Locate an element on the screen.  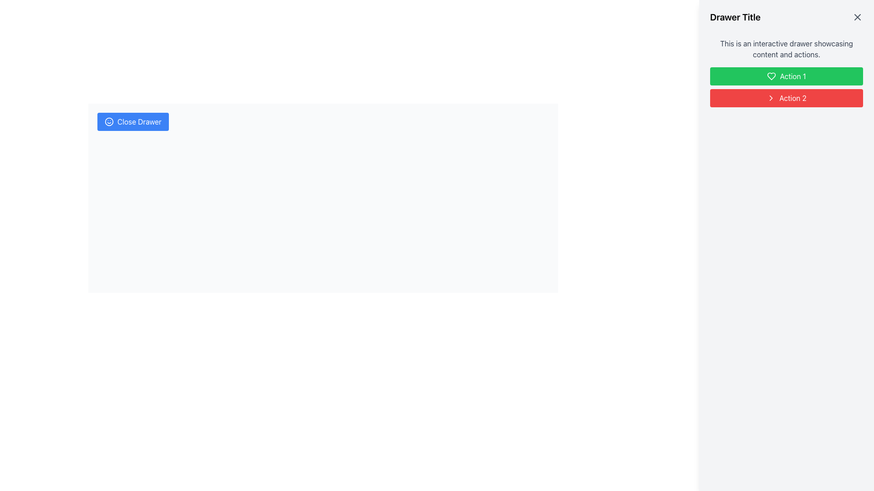
the right-facing arrow icon within the 'Action 2' button, which has a red background and is located in the top-right corner of the interface is located at coordinates (771, 98).